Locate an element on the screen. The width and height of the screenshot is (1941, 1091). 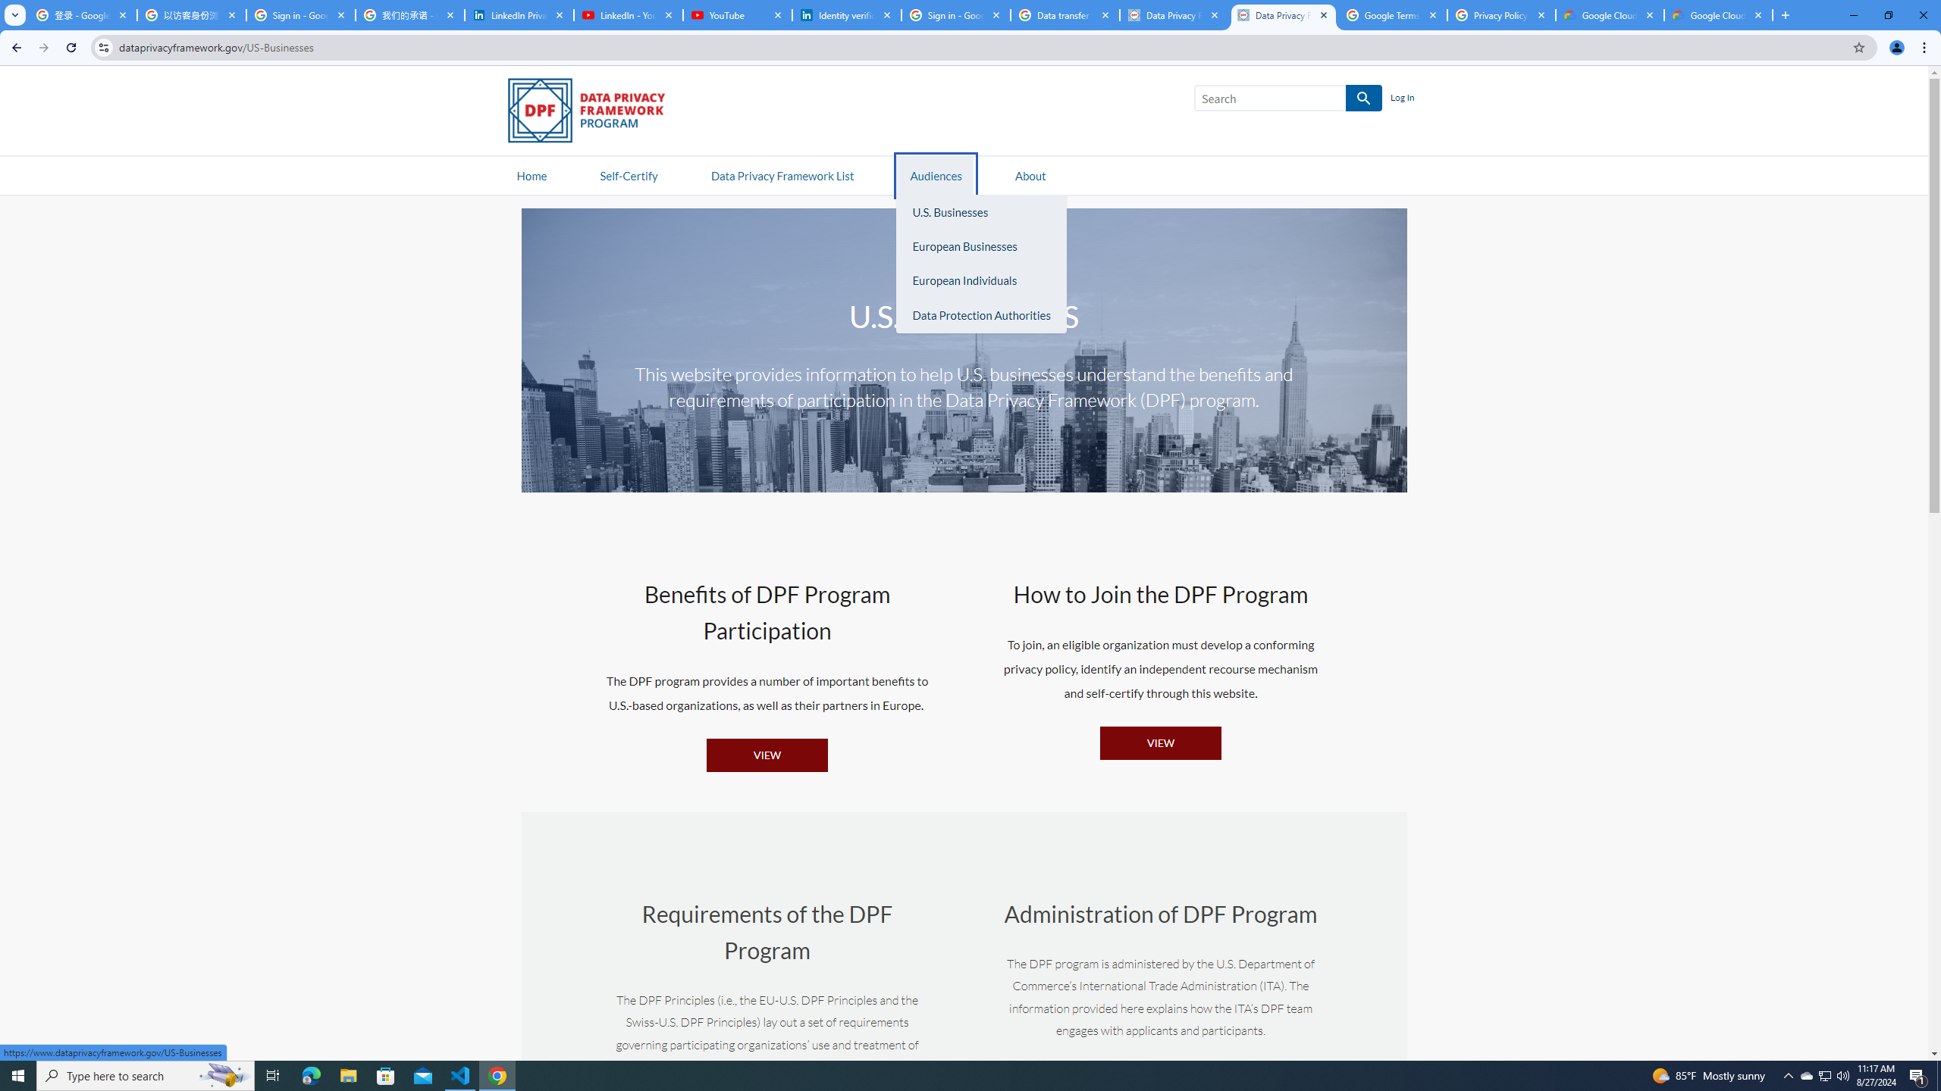
'Search' is located at coordinates (1270, 98).